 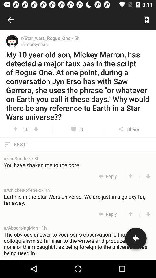 What do you see at coordinates (47, 38) in the screenshot?
I see `item above u/markysean` at bounding box center [47, 38].